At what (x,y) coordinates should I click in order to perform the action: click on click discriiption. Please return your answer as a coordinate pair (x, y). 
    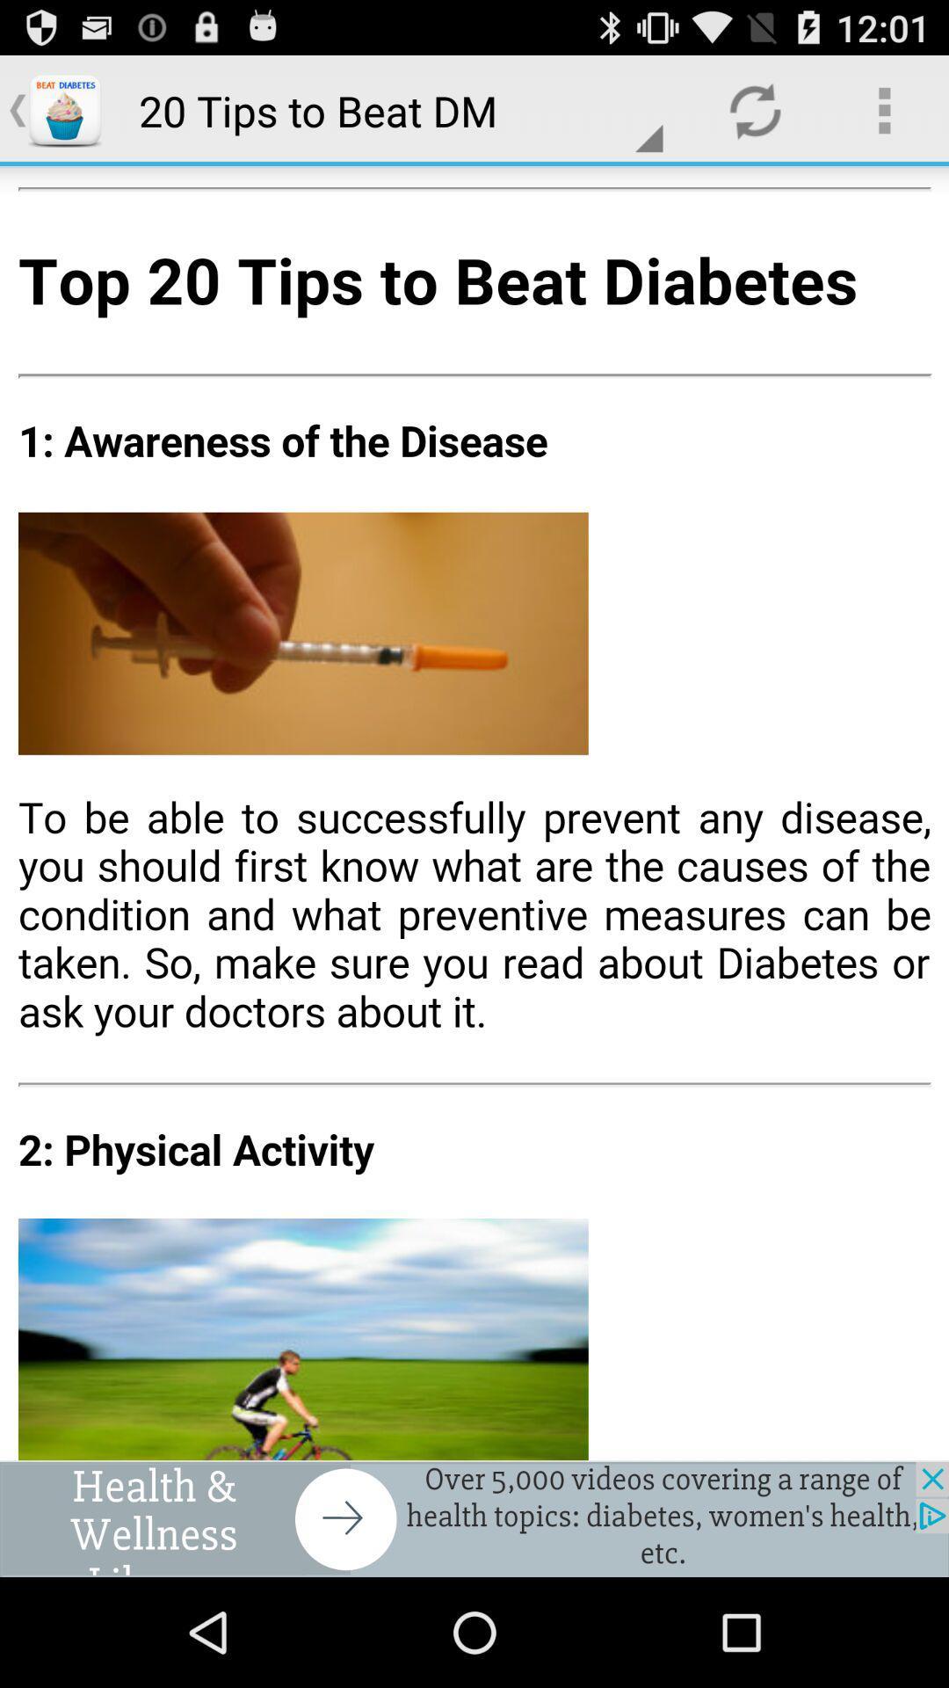
    Looking at the image, I should click on (474, 812).